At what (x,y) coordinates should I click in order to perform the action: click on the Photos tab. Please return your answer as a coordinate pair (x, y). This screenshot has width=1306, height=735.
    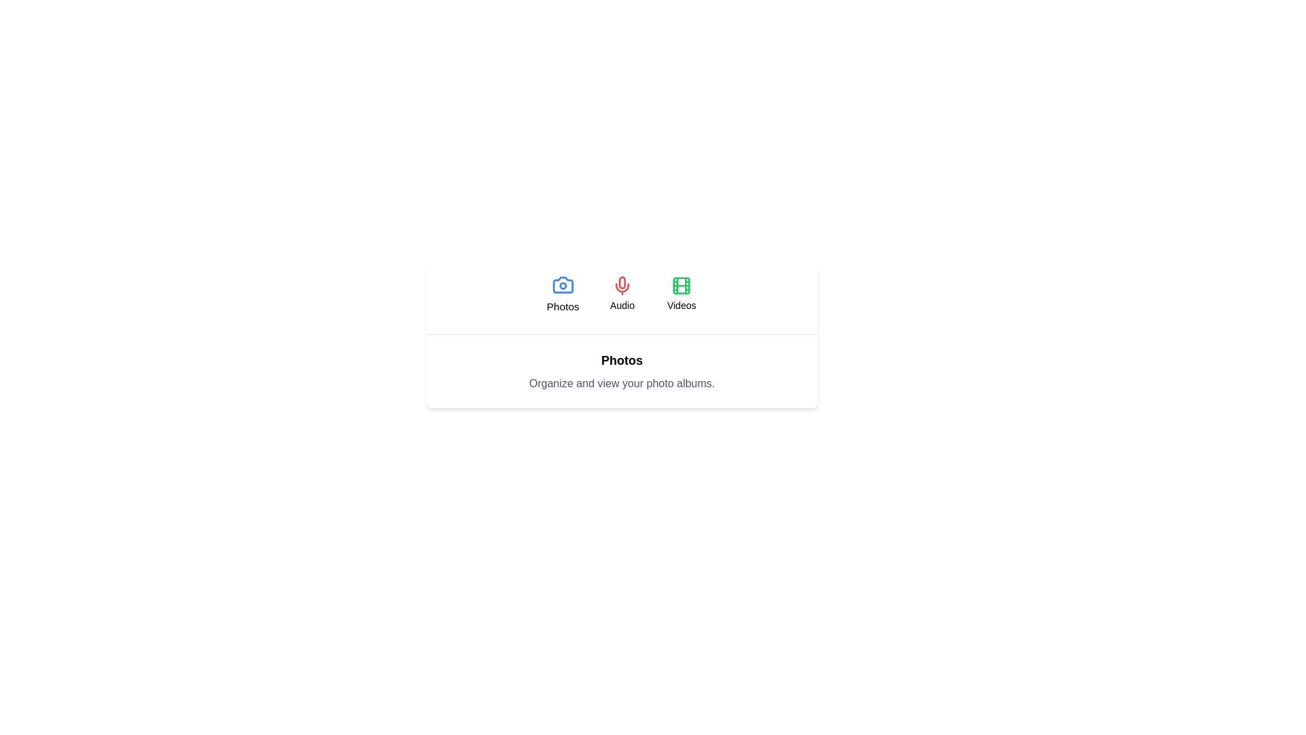
    Looking at the image, I should click on (563, 293).